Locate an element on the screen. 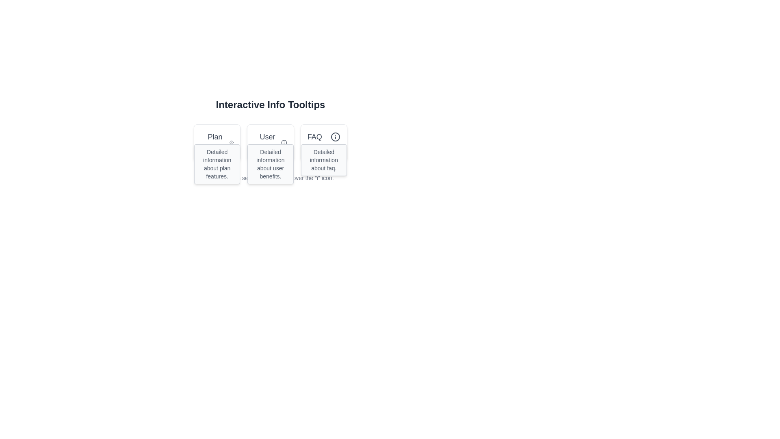 This screenshot has width=780, height=439. the tooltip text element that contains the words 'Detailed information about user benefits.' located under the 'User' label in the central tooltip box is located at coordinates (271, 164).